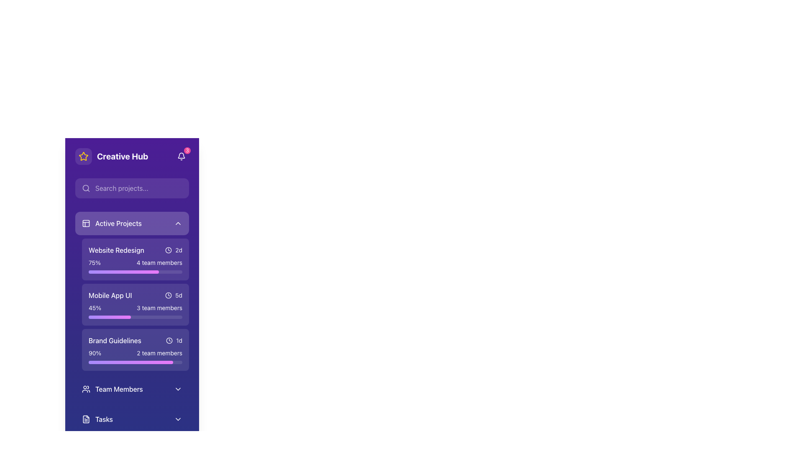  Describe the element at coordinates (86, 419) in the screenshot. I see `the document icon with horizontal lines and a folded top corner, located to the left of the 'Tasks' label in the bottom part of the sidebar` at that location.